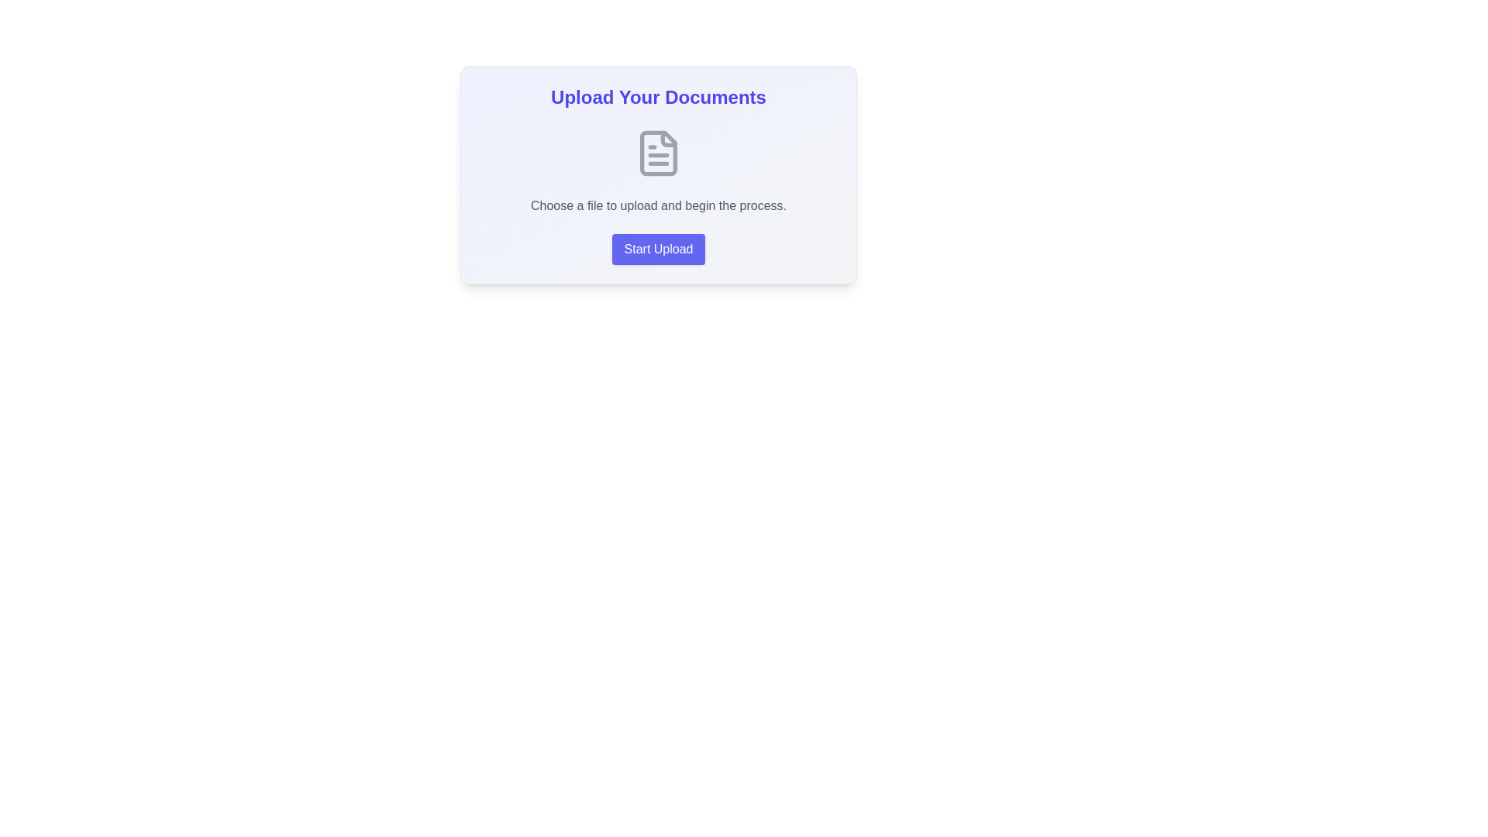  I want to click on the upload button located at the bottom of the card to observe its hover-specific styling, so click(658, 248).